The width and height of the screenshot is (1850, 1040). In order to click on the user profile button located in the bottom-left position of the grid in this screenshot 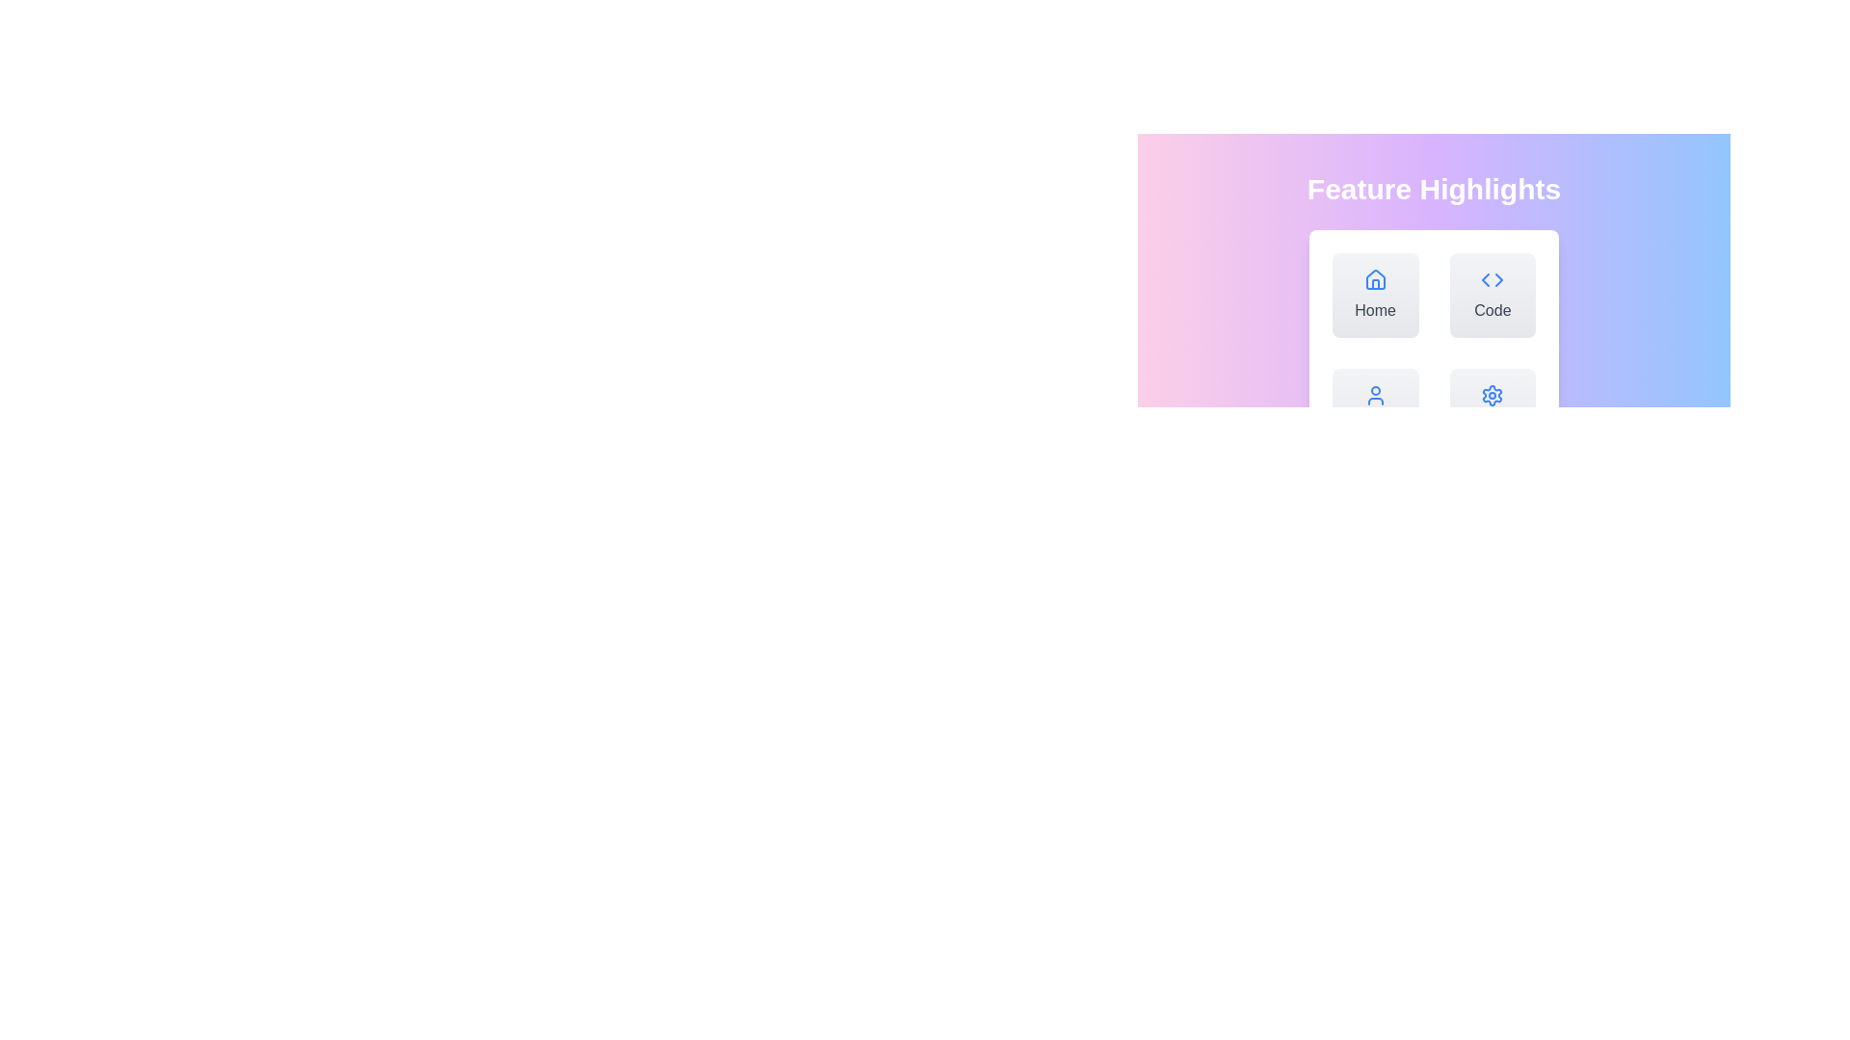, I will do `click(1374, 410)`.